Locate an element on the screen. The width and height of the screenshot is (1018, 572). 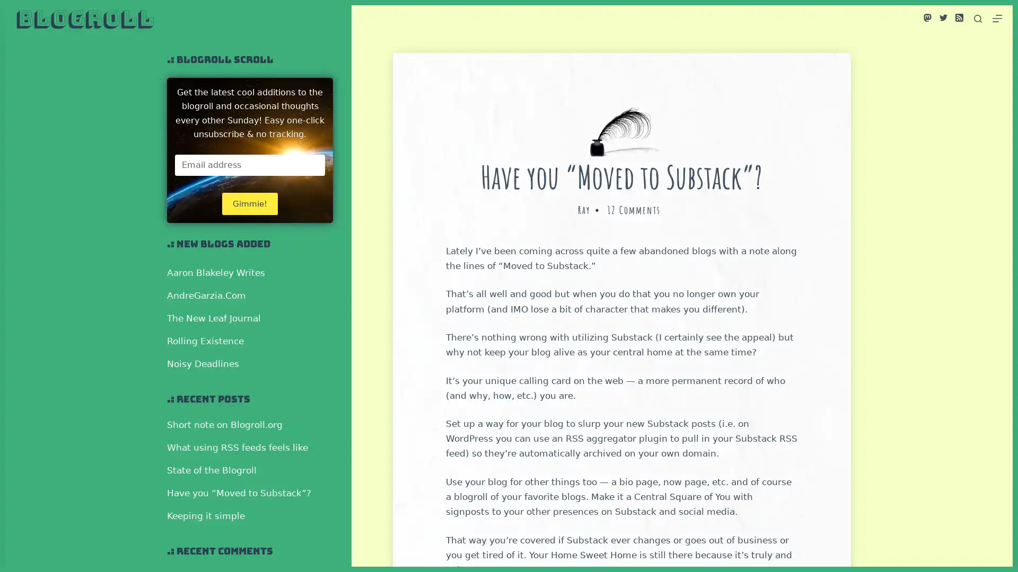
Open off canvas is located at coordinates (997, 18).